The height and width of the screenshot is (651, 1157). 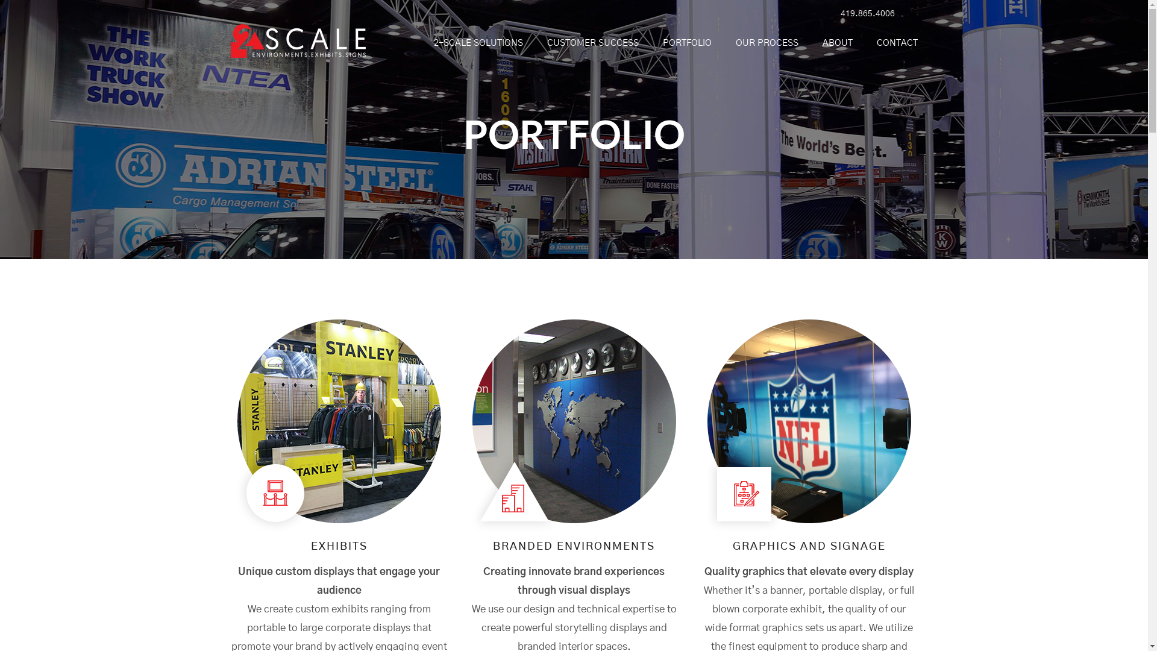 What do you see at coordinates (477, 43) in the screenshot?
I see `'2-SCALE SOLUTIONS'` at bounding box center [477, 43].